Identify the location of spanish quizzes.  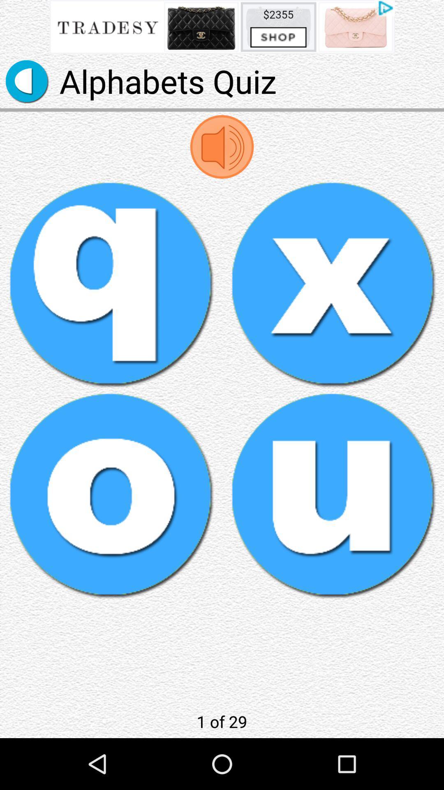
(111, 284).